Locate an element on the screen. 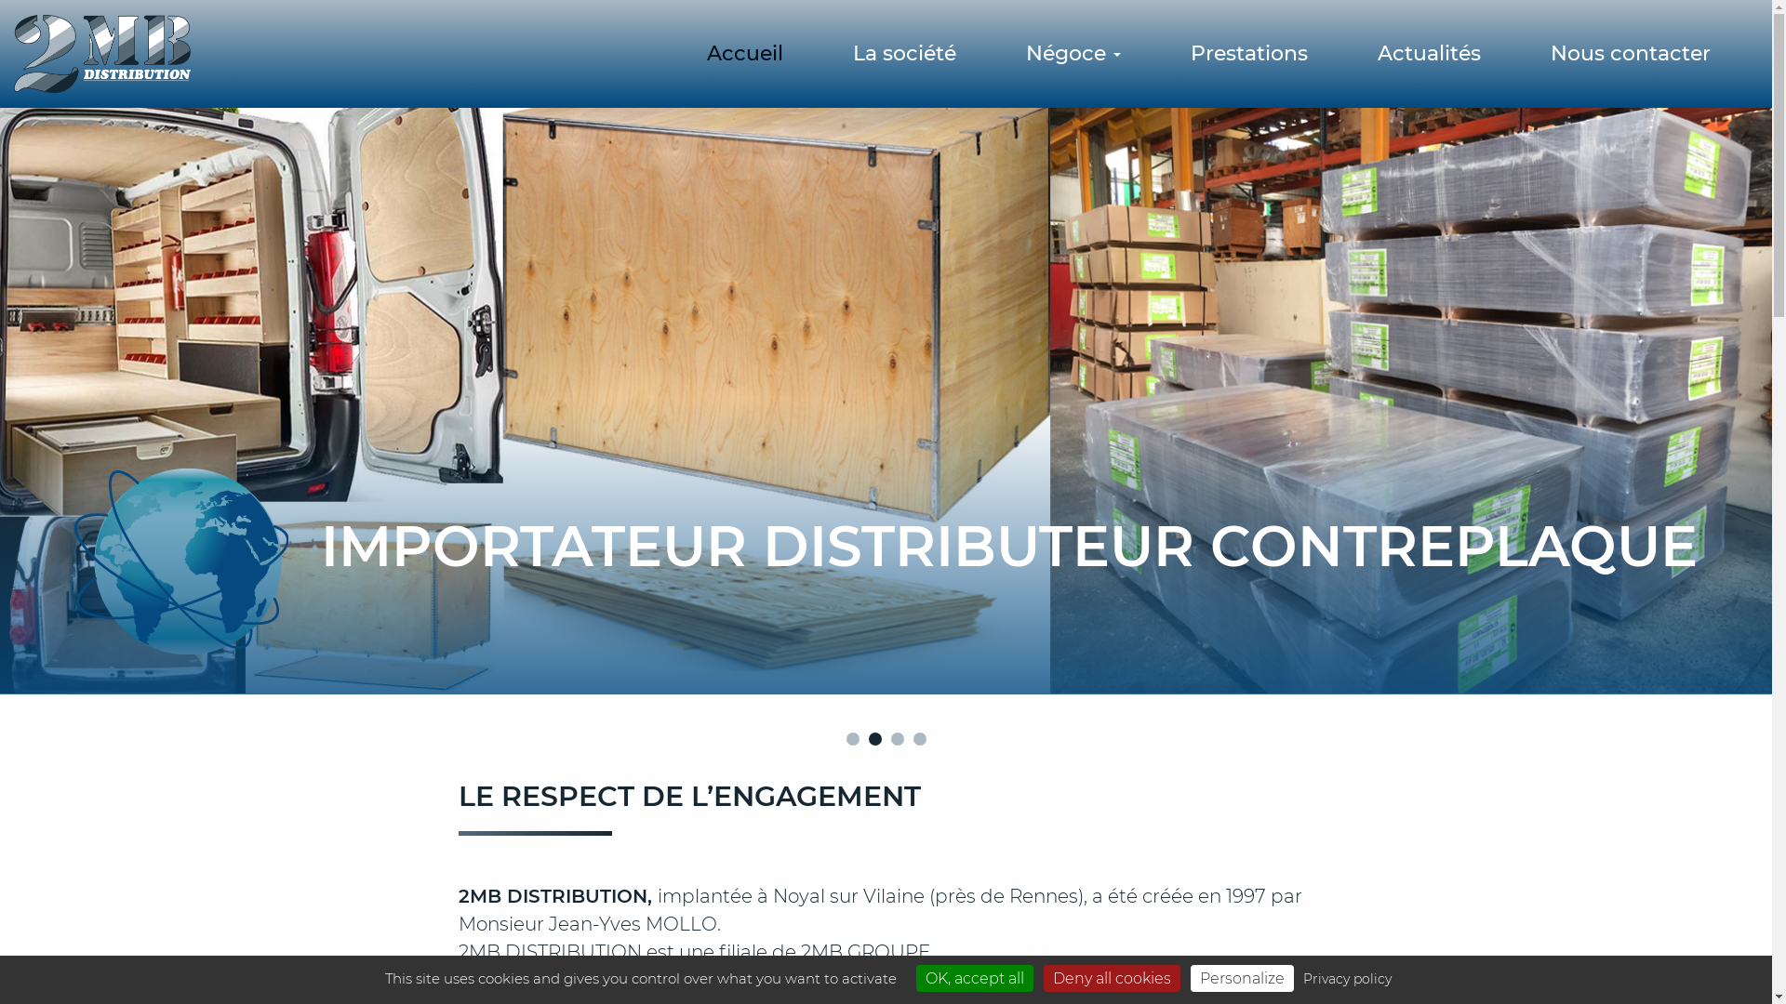  'IMPORTATEUR DISTRIBUTEUR CONTREPLAQUE' is located at coordinates (0, 403).